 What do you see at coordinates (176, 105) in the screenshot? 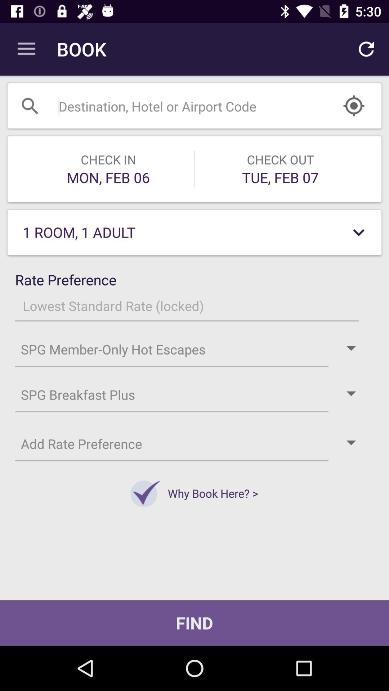
I see `text box for hotel airport or city name` at bounding box center [176, 105].